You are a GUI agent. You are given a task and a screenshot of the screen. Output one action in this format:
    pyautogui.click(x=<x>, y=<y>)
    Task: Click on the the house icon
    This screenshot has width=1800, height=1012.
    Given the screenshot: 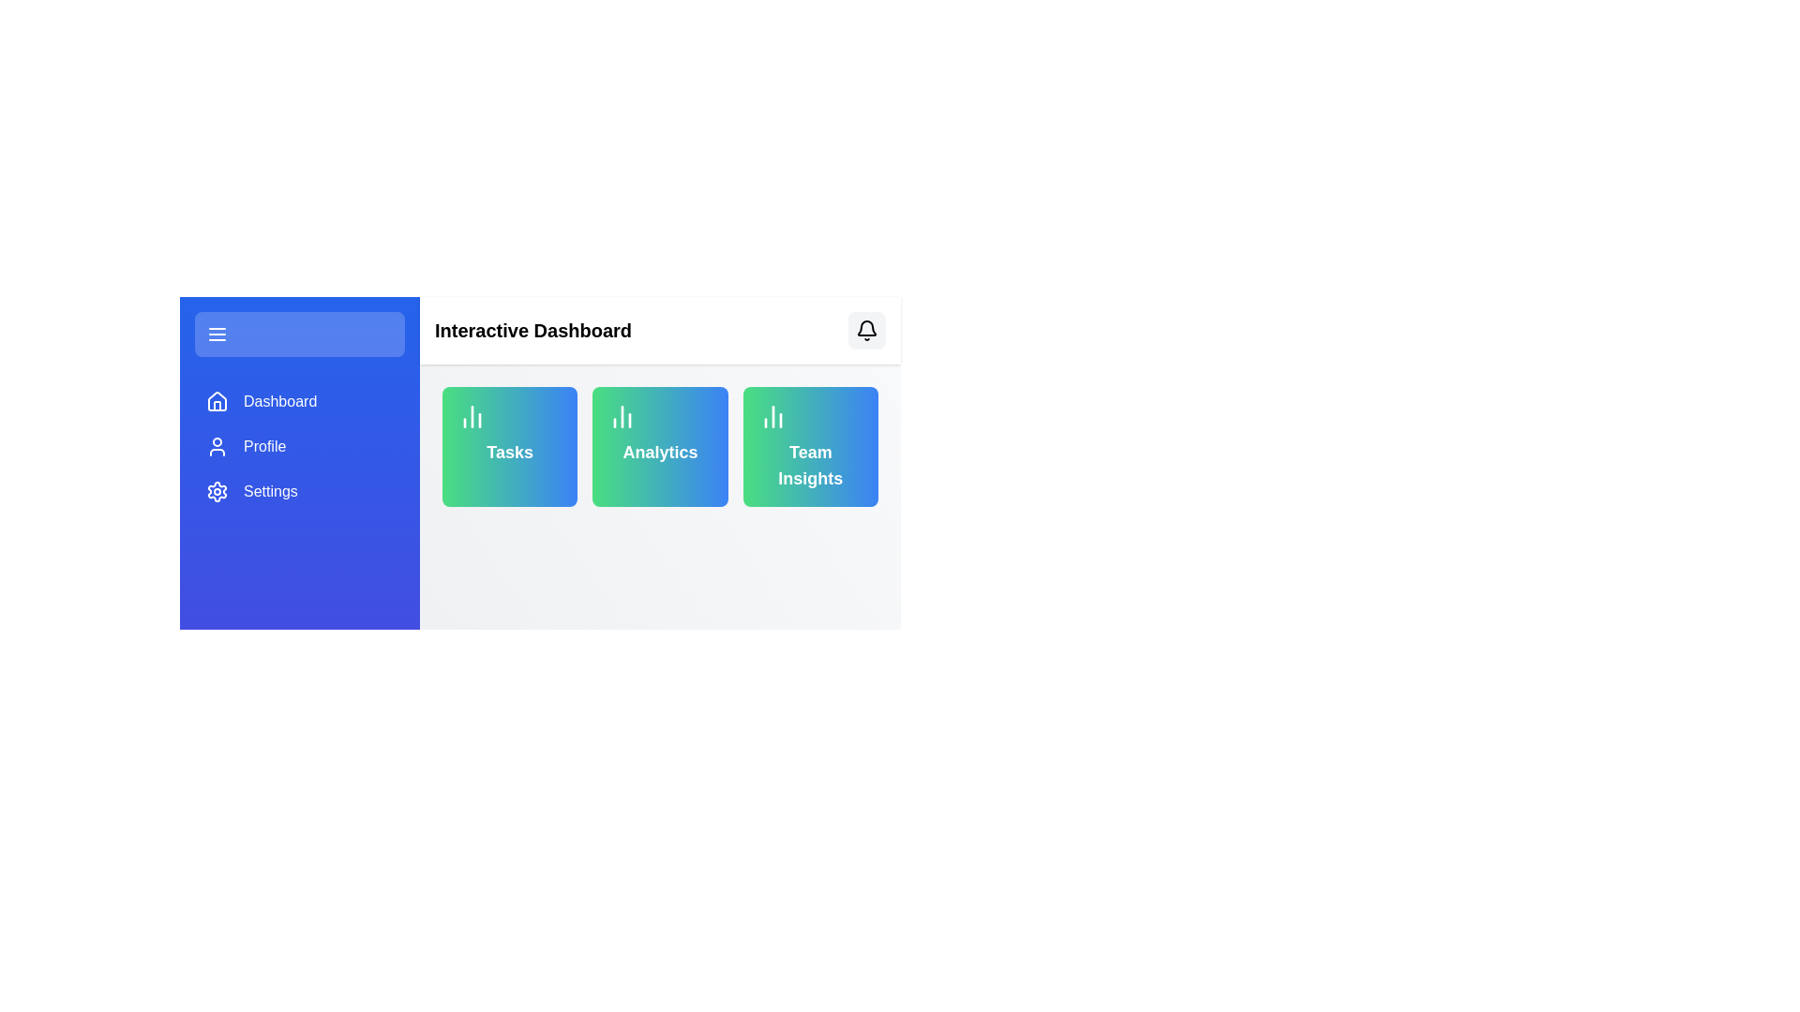 What is the action you would take?
    pyautogui.click(x=217, y=400)
    